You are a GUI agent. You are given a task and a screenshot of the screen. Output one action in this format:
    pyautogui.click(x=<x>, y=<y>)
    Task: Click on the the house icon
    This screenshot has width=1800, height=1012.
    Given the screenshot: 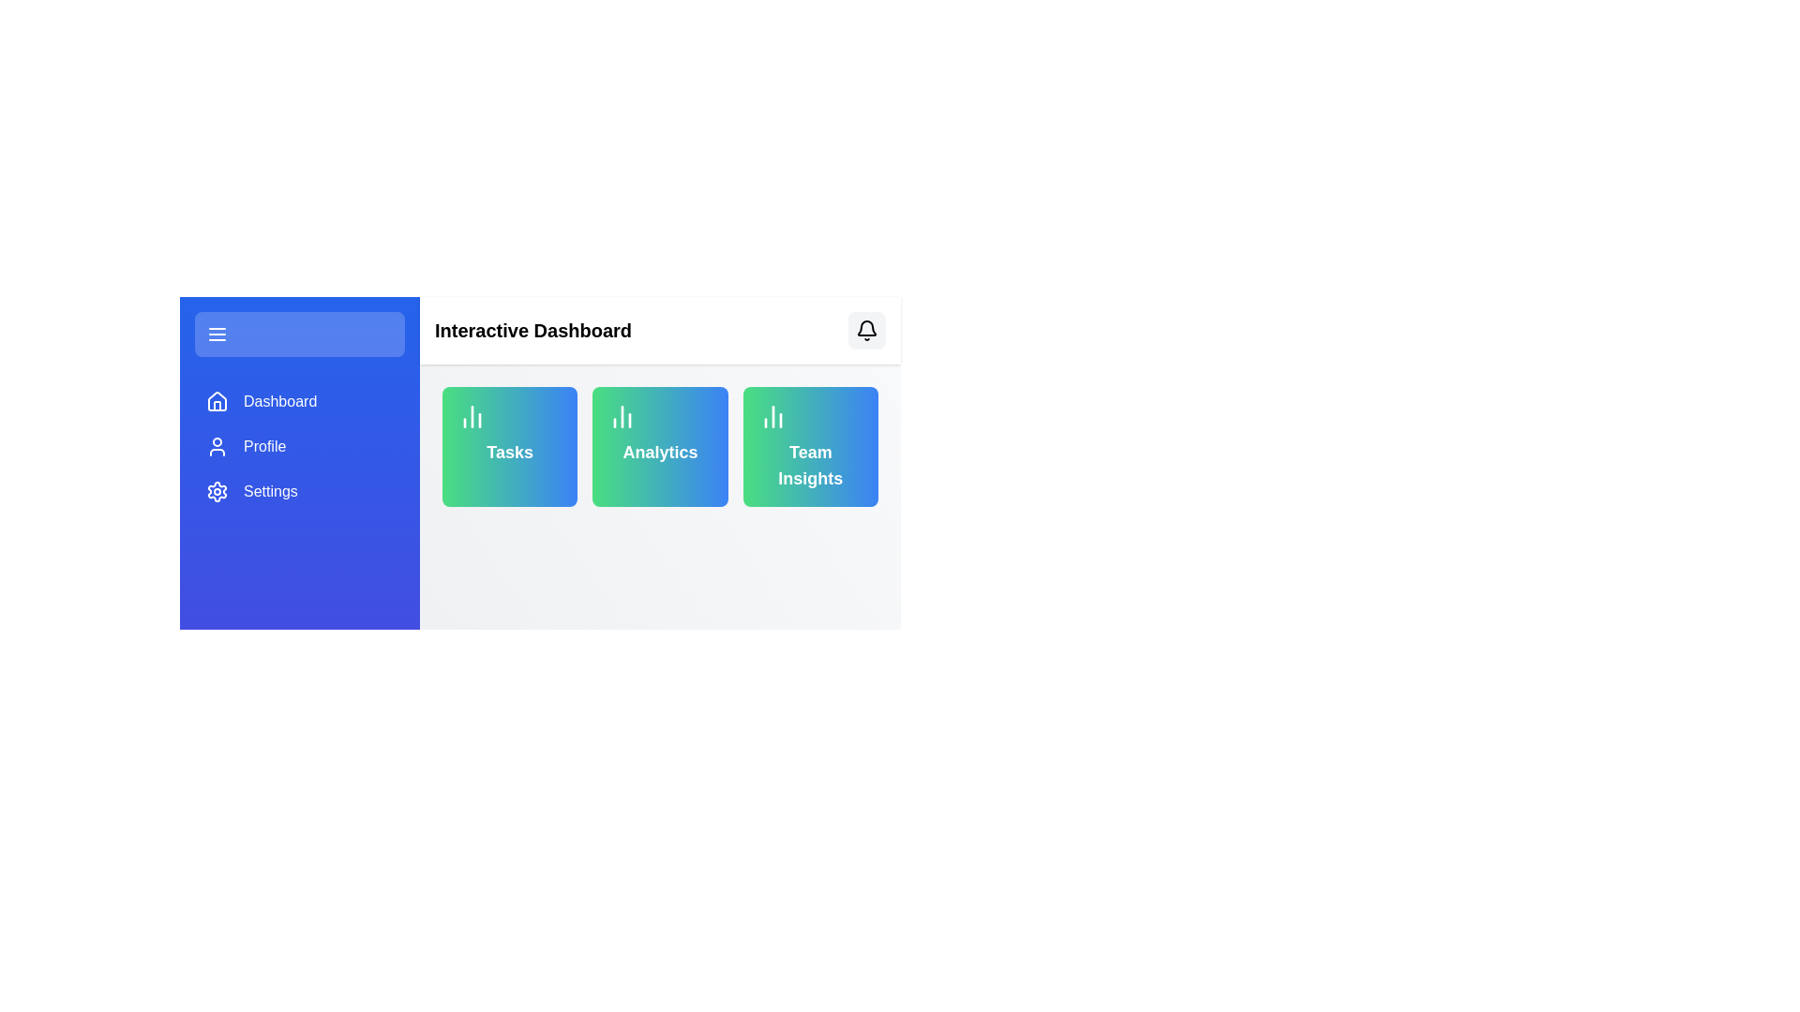 What is the action you would take?
    pyautogui.click(x=217, y=400)
    